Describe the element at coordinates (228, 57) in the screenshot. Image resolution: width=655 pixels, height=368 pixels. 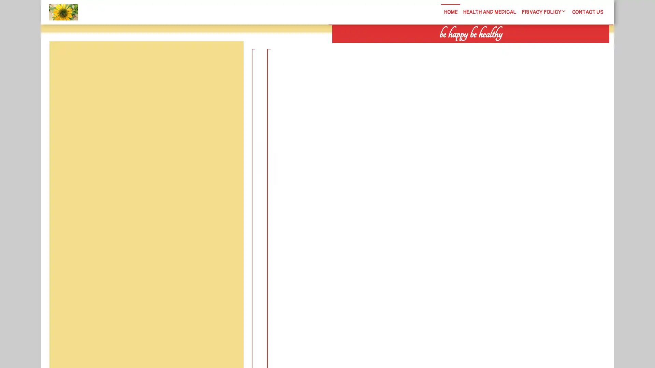
I see `Search` at that location.